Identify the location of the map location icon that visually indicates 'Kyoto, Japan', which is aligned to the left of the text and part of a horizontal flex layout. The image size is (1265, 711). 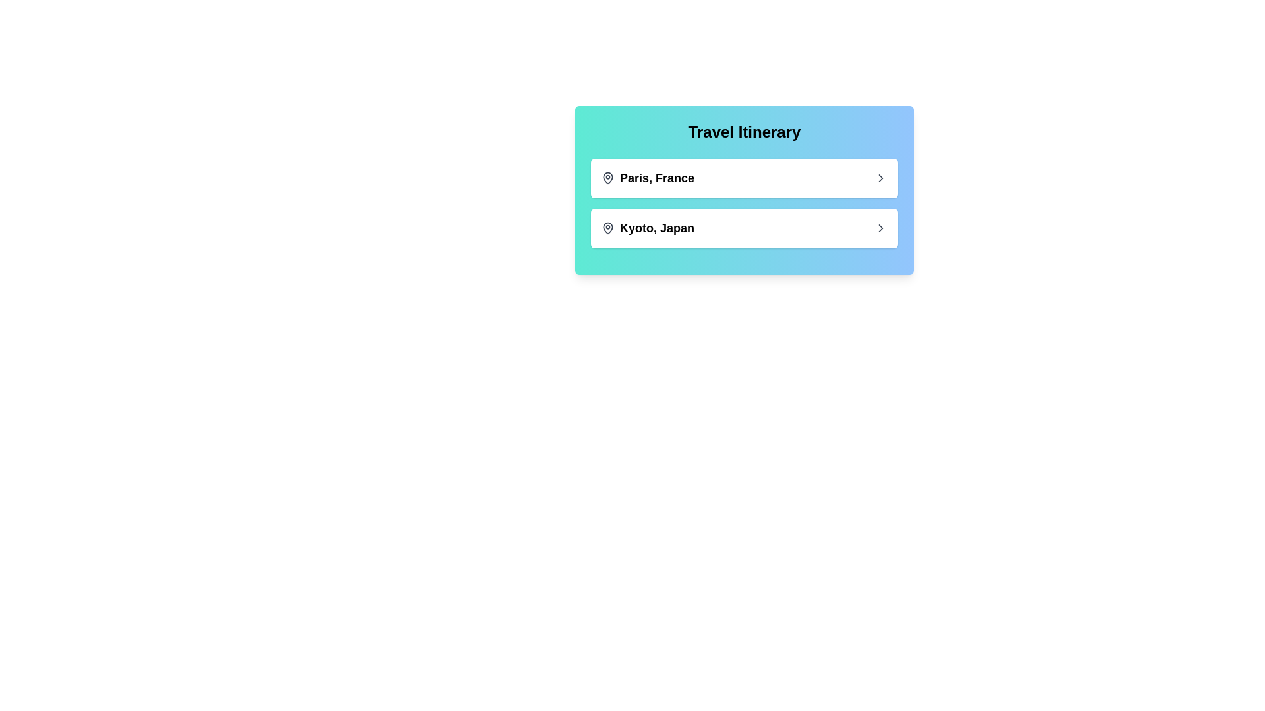
(607, 228).